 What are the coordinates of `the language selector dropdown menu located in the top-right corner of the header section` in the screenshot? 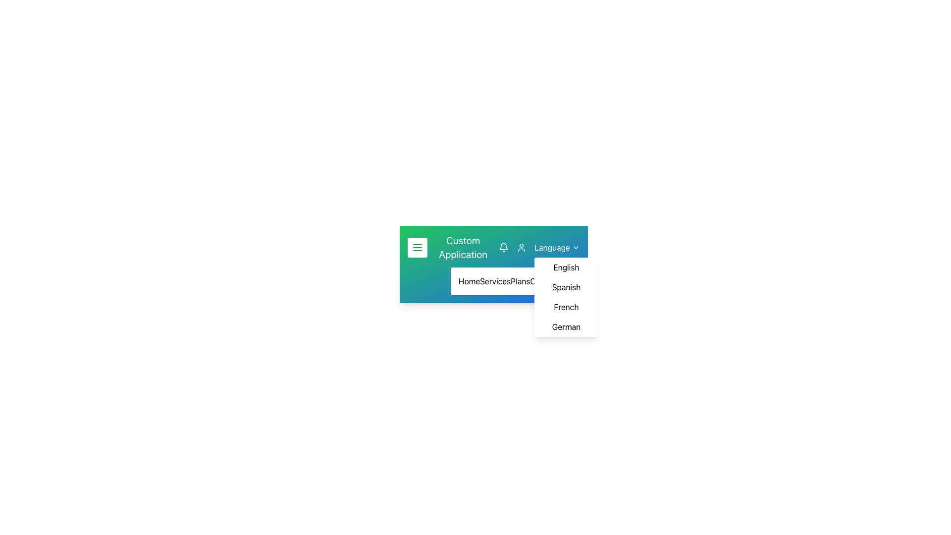 It's located at (539, 247).